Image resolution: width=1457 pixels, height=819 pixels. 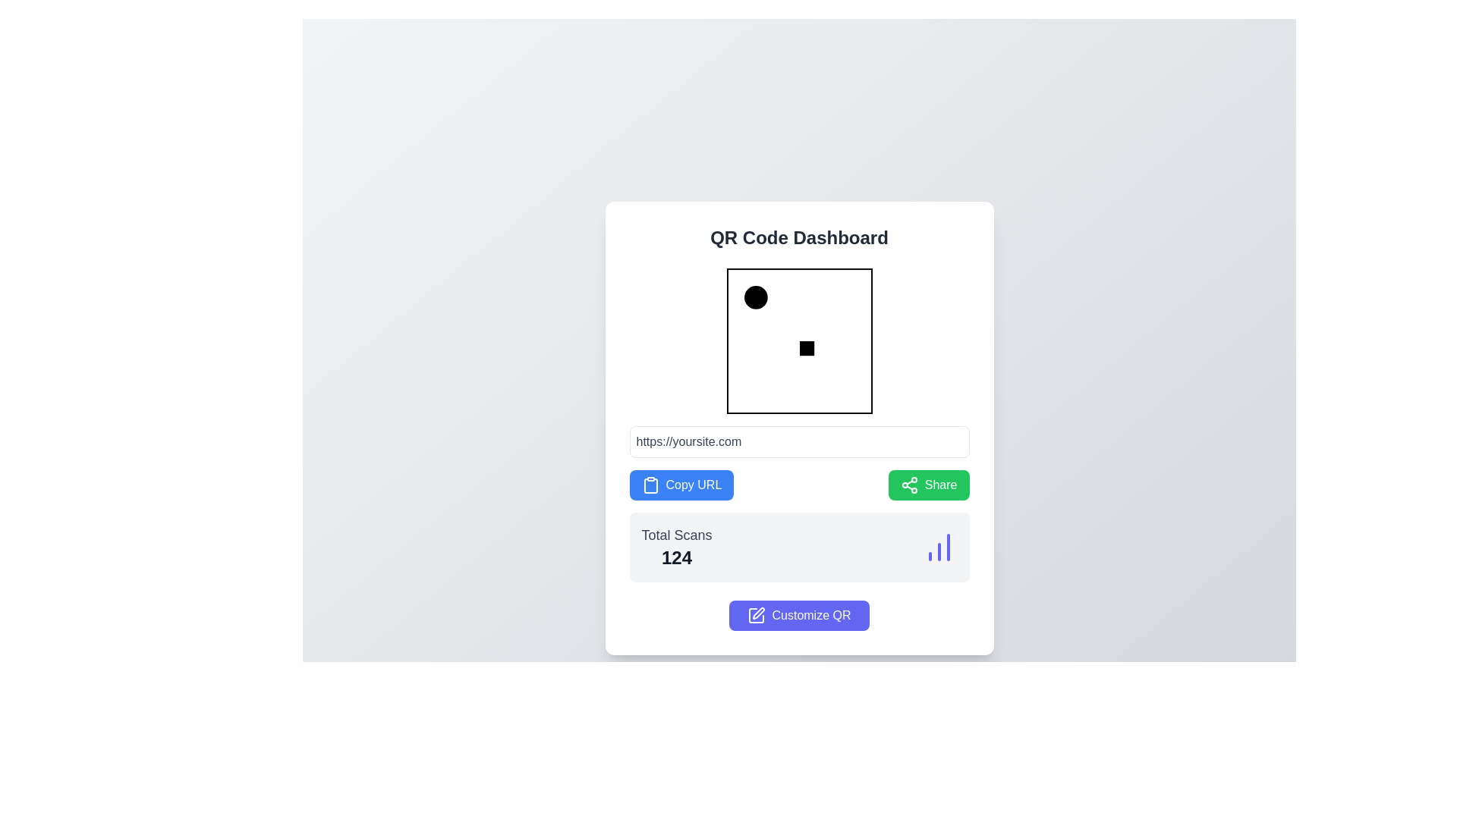 I want to click on the rectangular button with a purple background and white text that reads 'Customize QR', which is positioned below the 'Total Scans' stat section, so click(x=798, y=616).